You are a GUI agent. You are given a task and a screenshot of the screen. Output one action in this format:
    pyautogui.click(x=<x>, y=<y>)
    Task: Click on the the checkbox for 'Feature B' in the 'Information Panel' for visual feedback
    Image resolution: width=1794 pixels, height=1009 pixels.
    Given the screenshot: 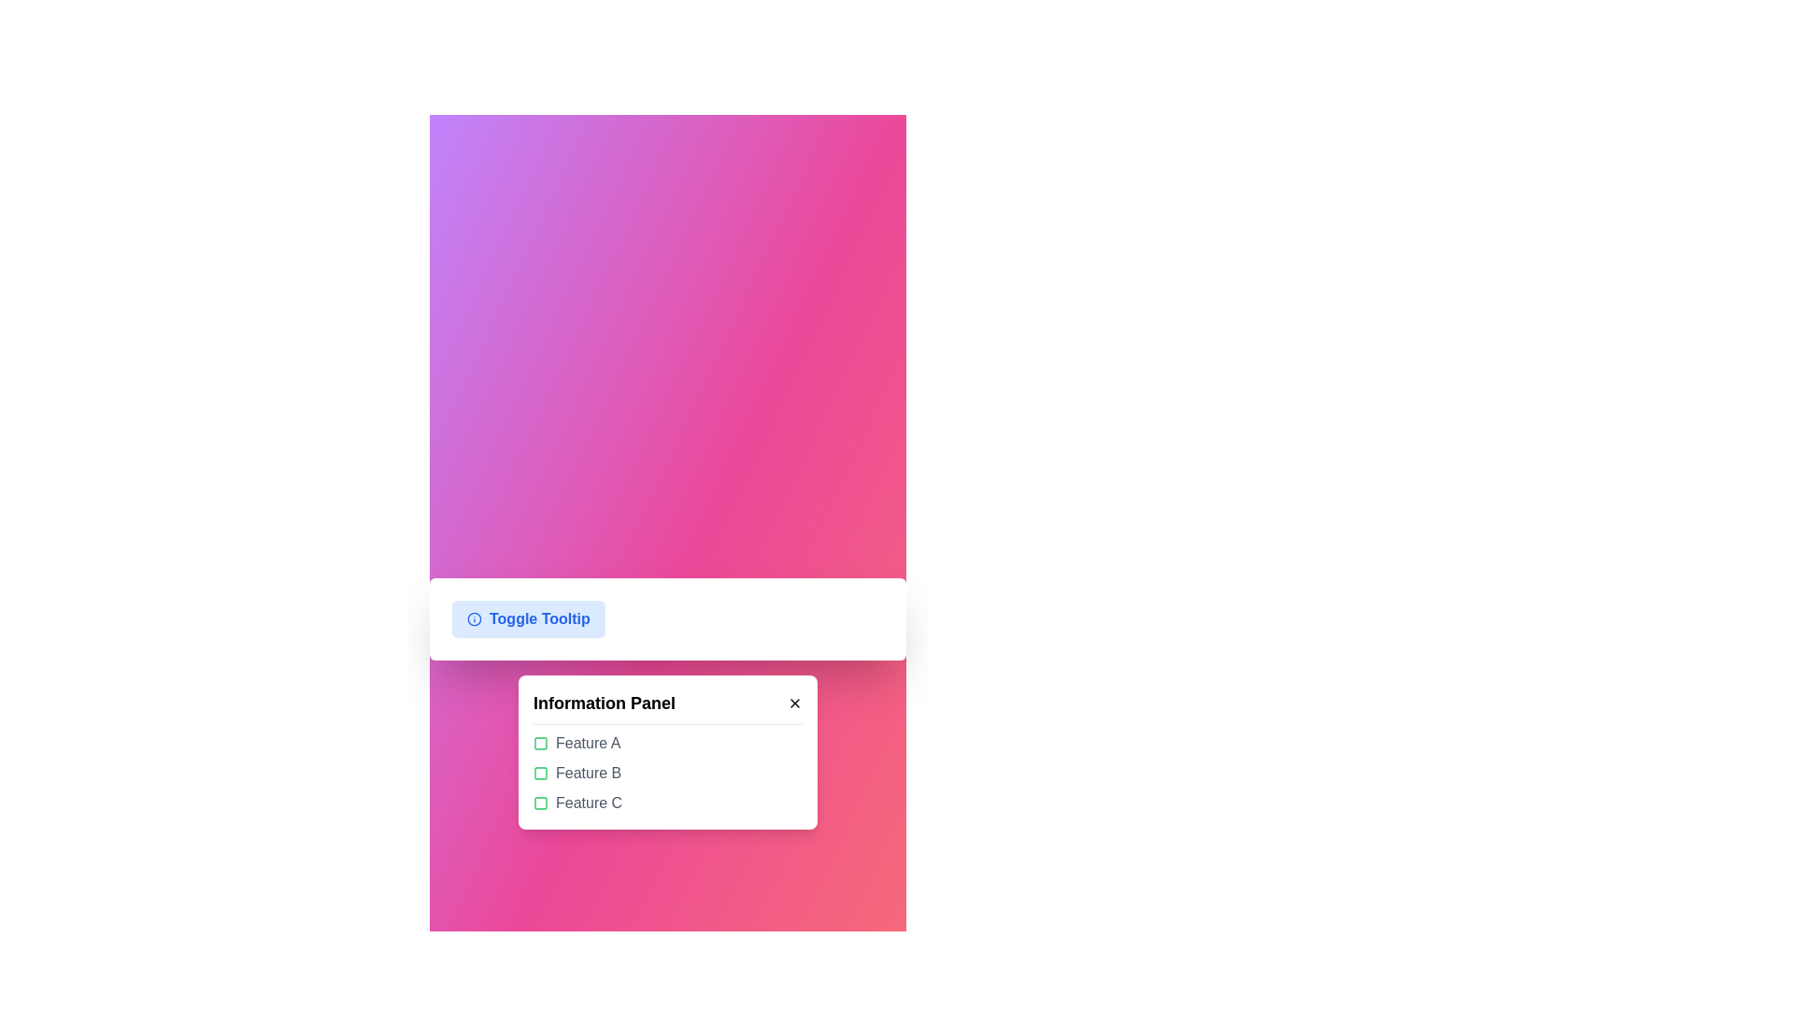 What is the action you would take?
    pyautogui.click(x=540, y=774)
    